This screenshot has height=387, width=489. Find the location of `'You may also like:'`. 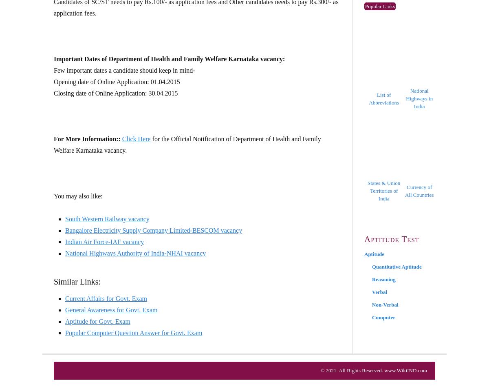

'You may also like:' is located at coordinates (77, 196).